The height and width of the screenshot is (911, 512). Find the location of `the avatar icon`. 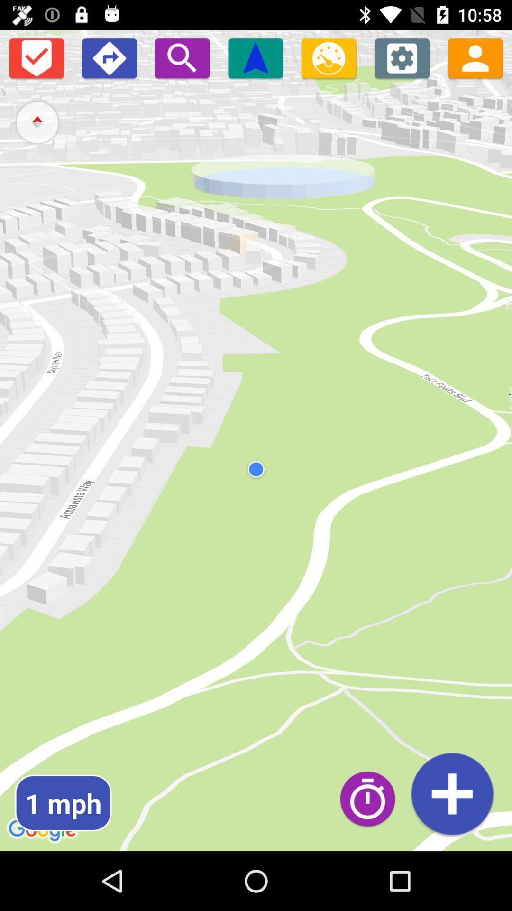

the avatar icon is located at coordinates (475, 57).